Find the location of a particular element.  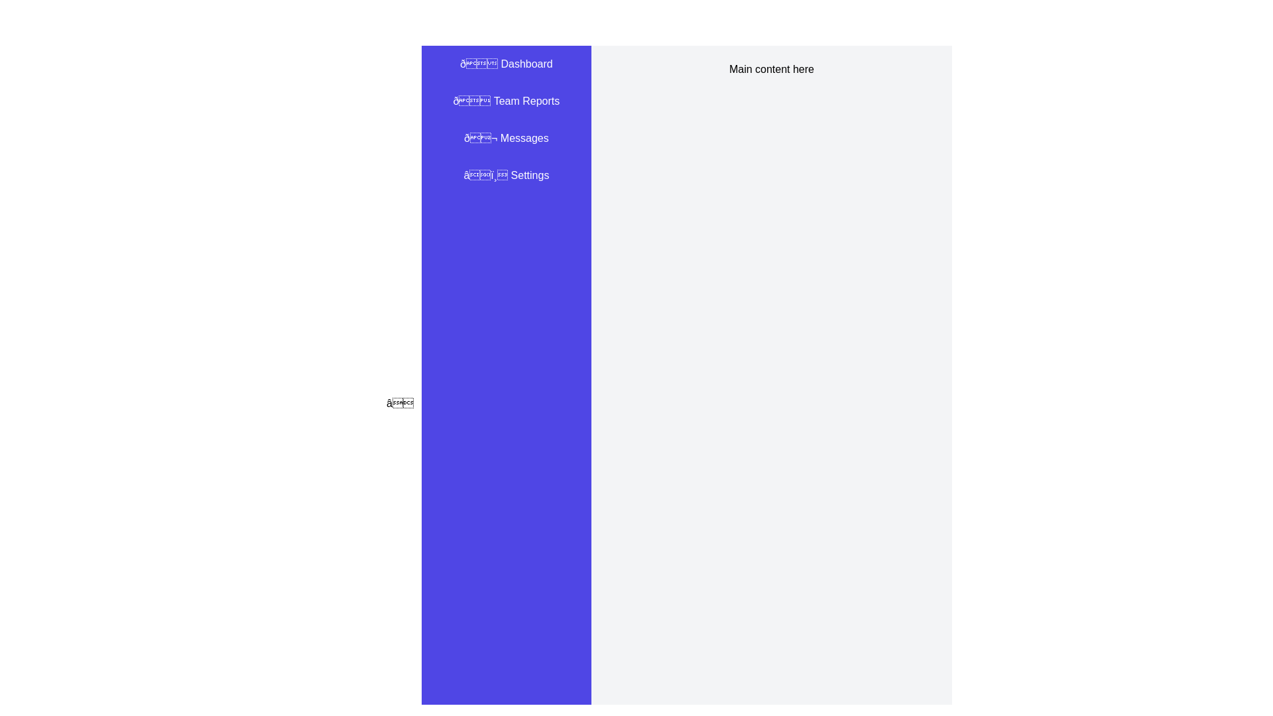

the 'Dashboard' menu item to select it is located at coordinates (505, 64).